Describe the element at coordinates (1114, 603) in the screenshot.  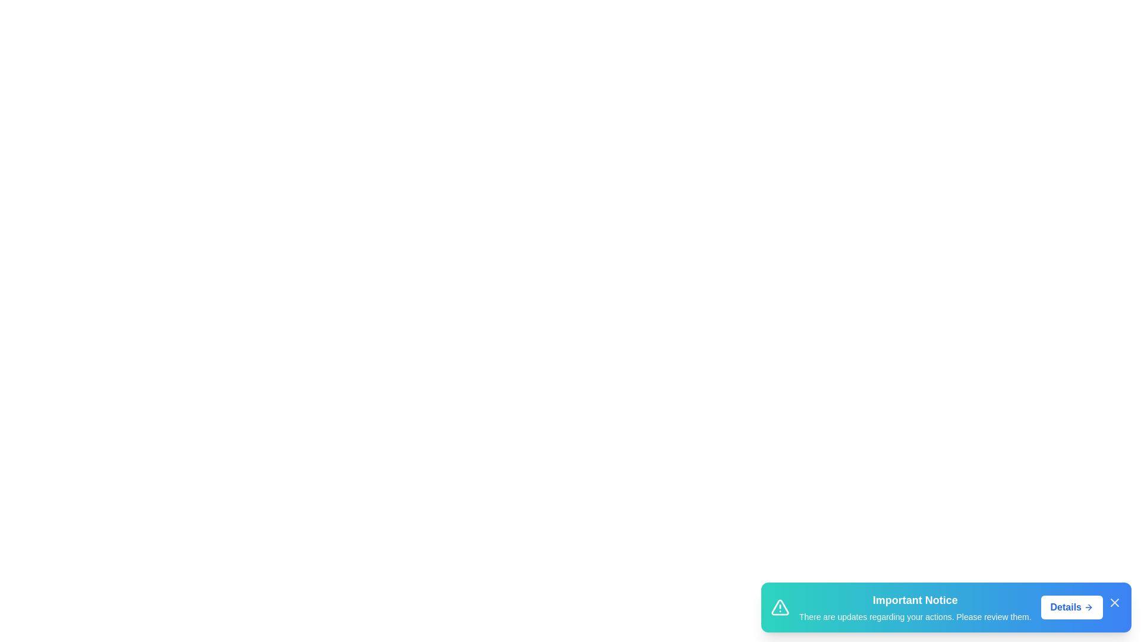
I see `the close icon of the snackbar to dismiss it` at that location.